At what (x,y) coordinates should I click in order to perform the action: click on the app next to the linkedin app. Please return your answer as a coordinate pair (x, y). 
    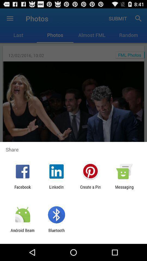
    Looking at the image, I should click on (90, 189).